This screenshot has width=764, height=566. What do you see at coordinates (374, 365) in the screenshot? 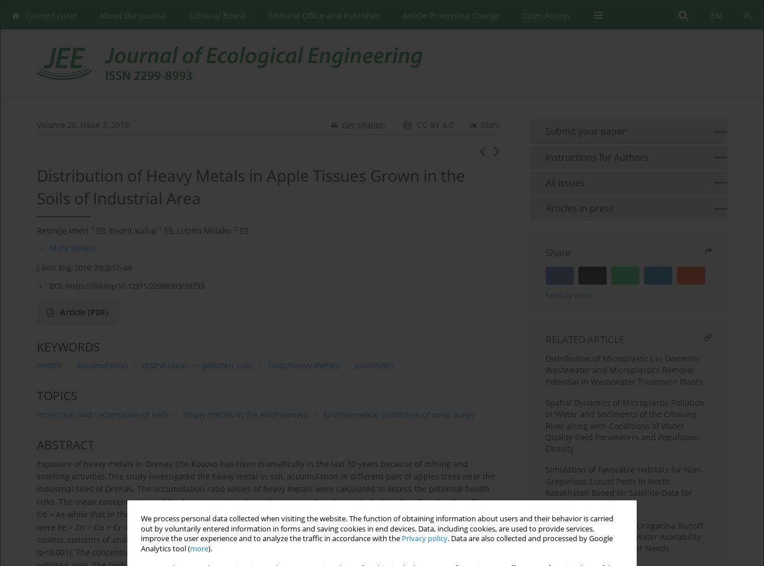
I see `'plant/soils'` at bounding box center [374, 365].